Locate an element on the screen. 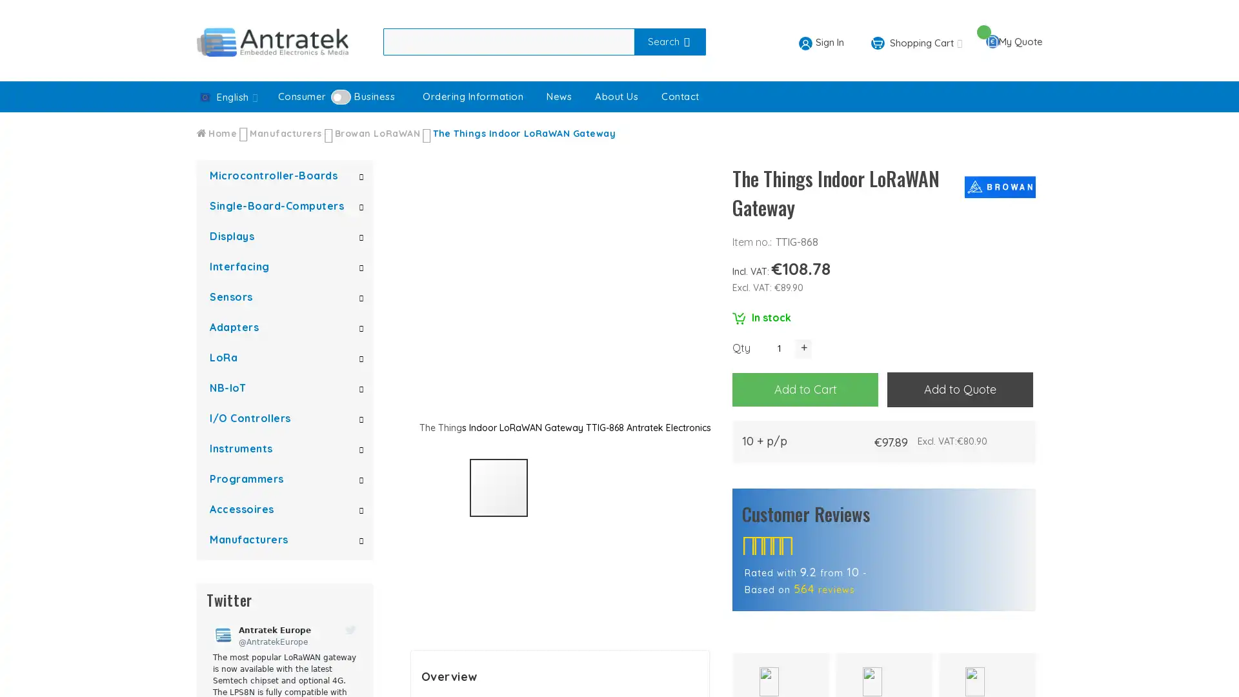 This screenshot has height=697, width=1239. The Things Indoor LoRaWAN Gateway TTIG-868 Antratek Electronics is located at coordinates (439, 488).